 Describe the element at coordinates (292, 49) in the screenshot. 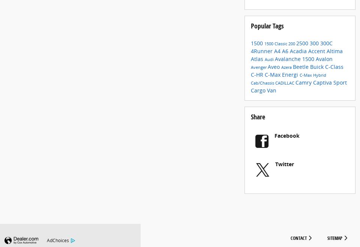

I see `'200'` at that location.